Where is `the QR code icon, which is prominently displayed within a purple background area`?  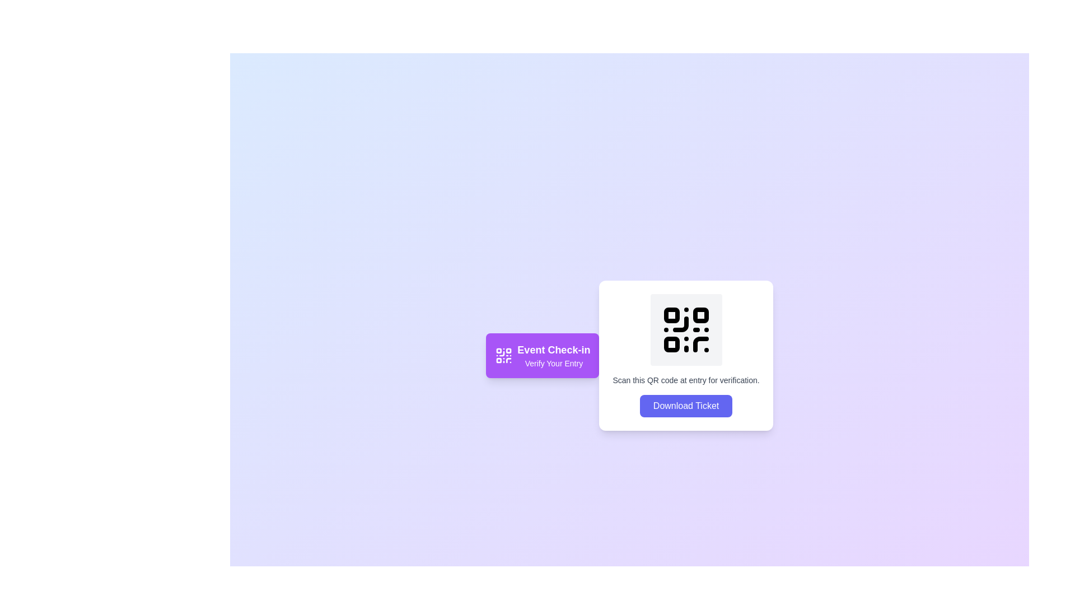
the QR code icon, which is prominently displayed within a purple background area is located at coordinates (503, 356).